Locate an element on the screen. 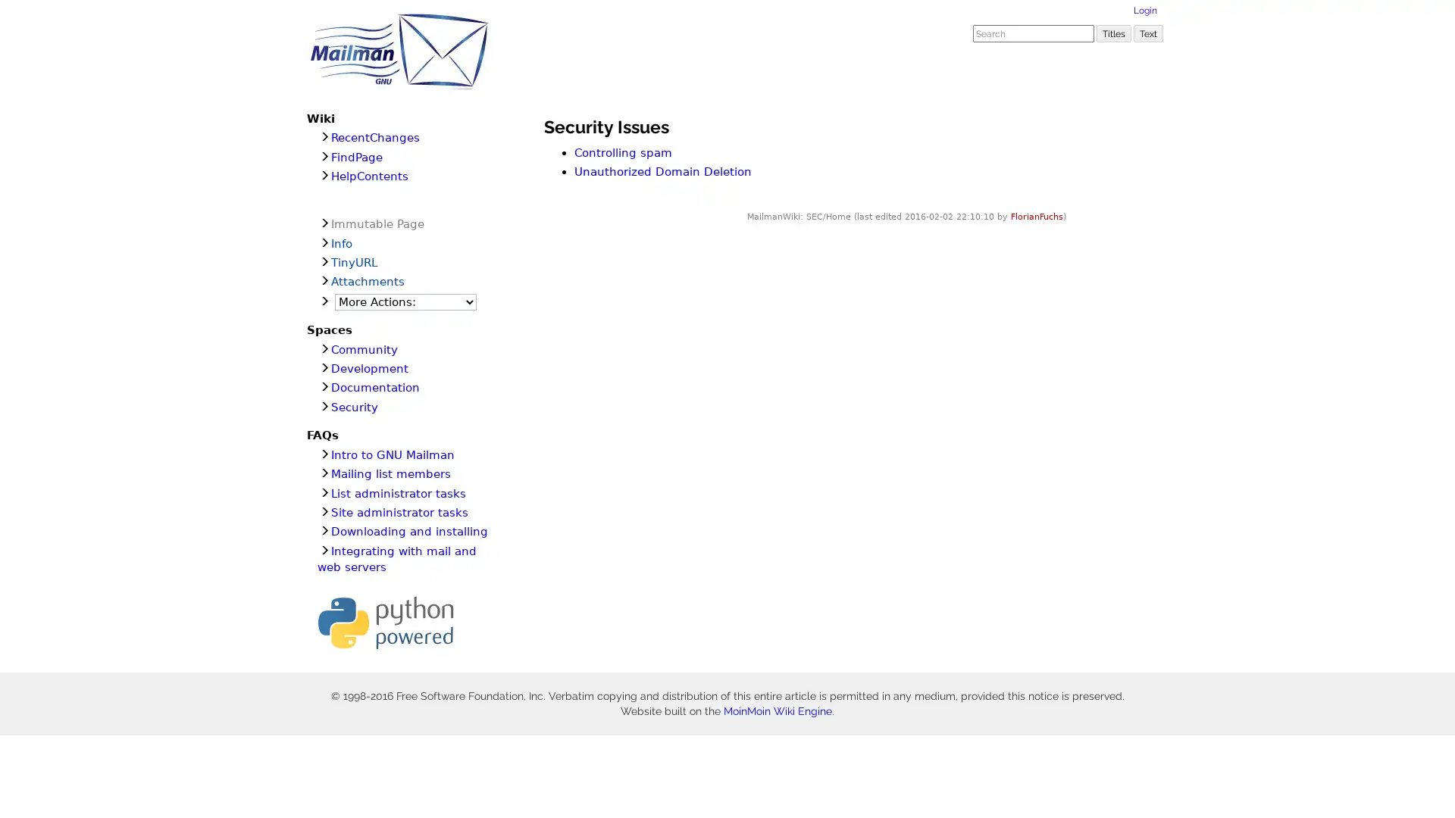 This screenshot has width=1455, height=818. Text is located at coordinates (1148, 33).